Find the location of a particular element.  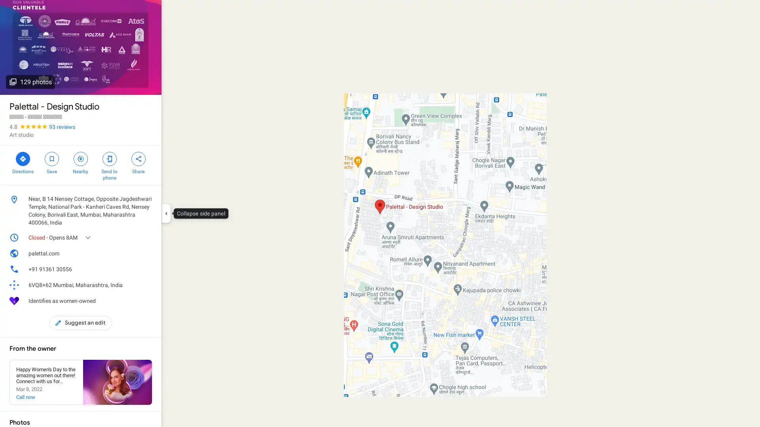

Suggest an edit is located at coordinates (81, 323).